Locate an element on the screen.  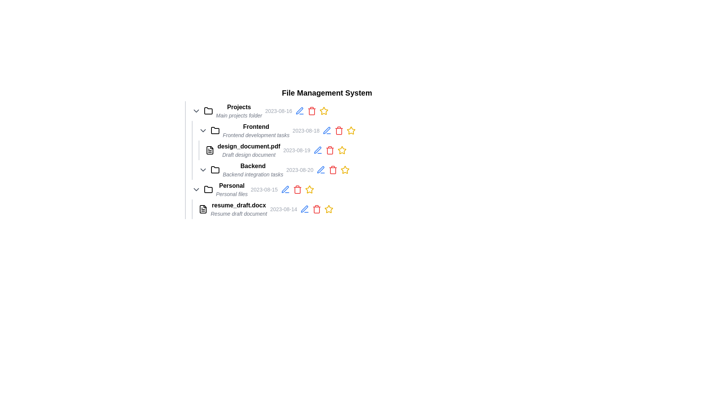
the graphical folder icon located directly left of the 'Projects' label in the file tree, which is the topmost folder in the hierarchy is located at coordinates (208, 111).